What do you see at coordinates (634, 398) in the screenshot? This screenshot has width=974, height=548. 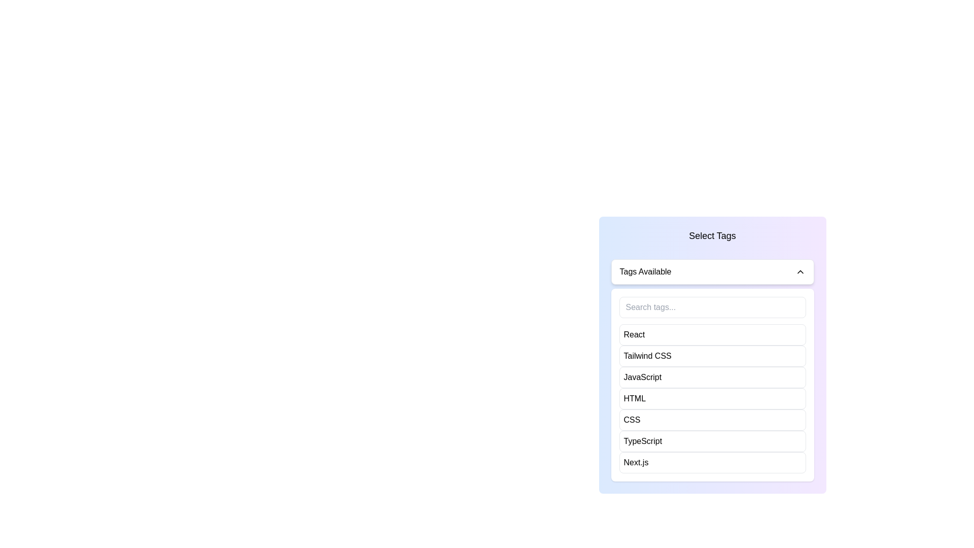 I see `the 'HTML' tag selection item within the dropdown list located under the 'JavaScript' label and above the 'CSS' label in the 'Select Tags' panel` at bounding box center [634, 398].